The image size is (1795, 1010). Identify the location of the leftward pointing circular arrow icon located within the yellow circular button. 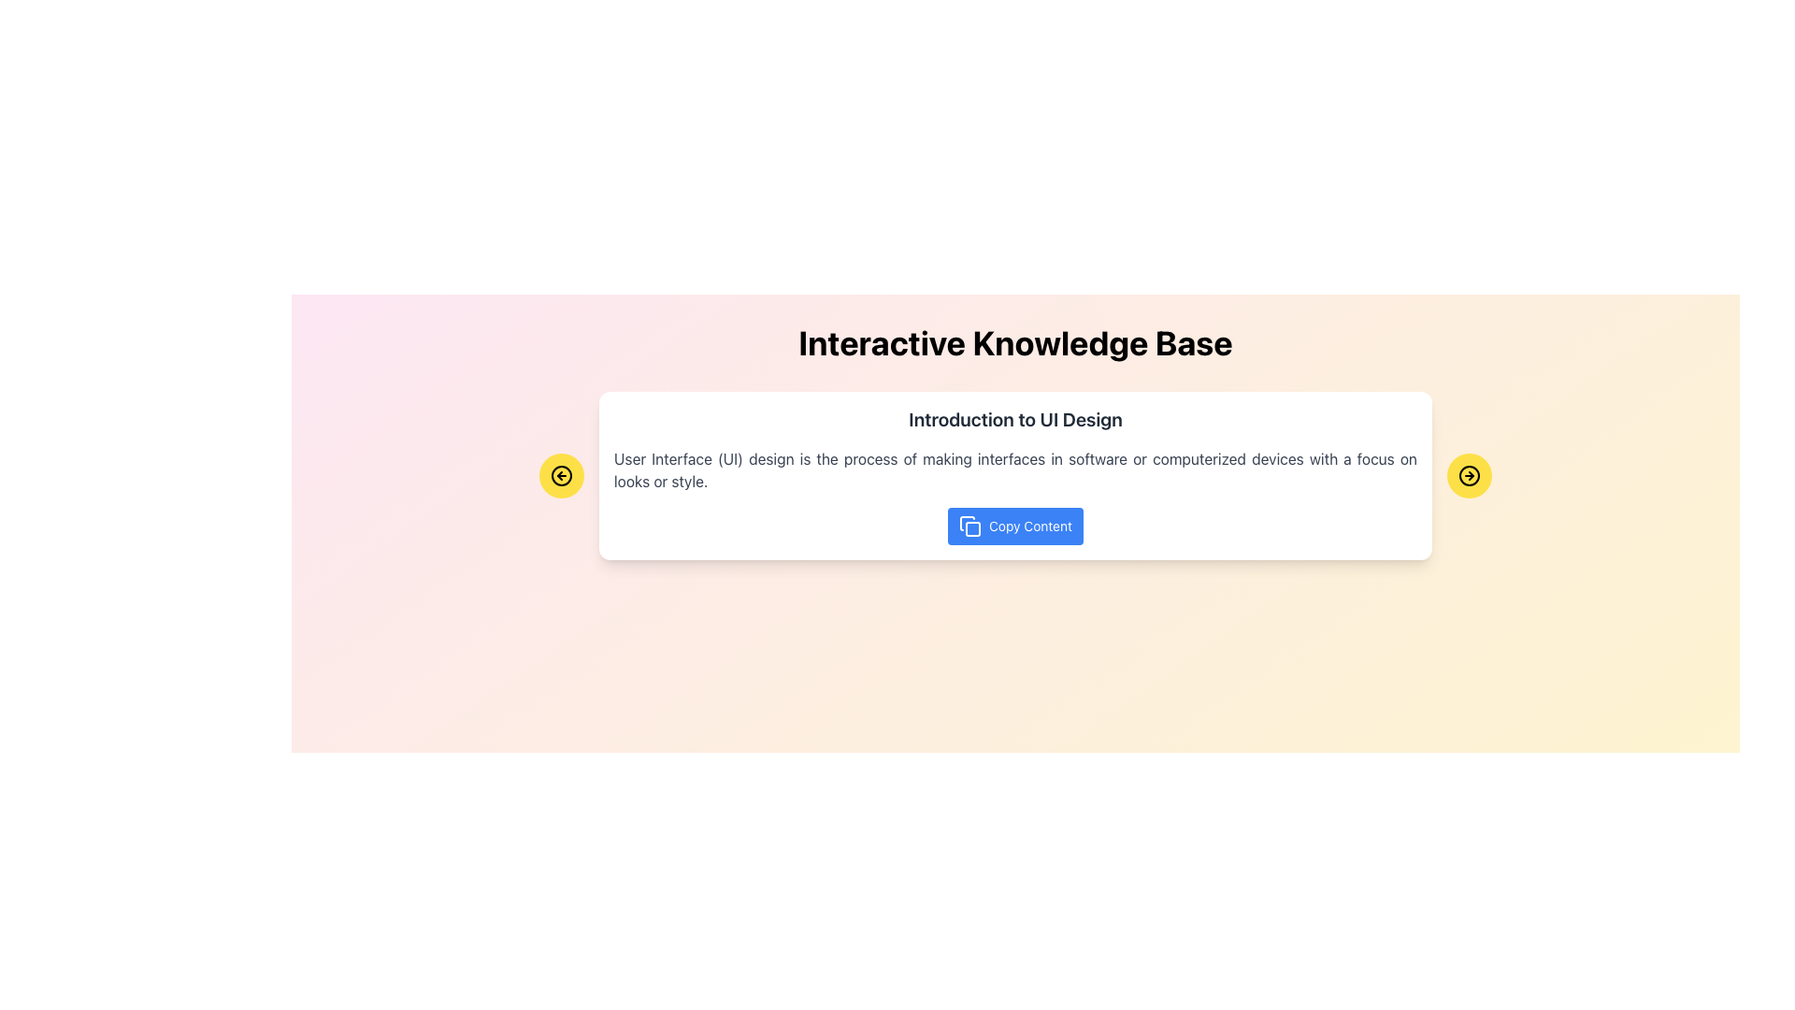
(560, 475).